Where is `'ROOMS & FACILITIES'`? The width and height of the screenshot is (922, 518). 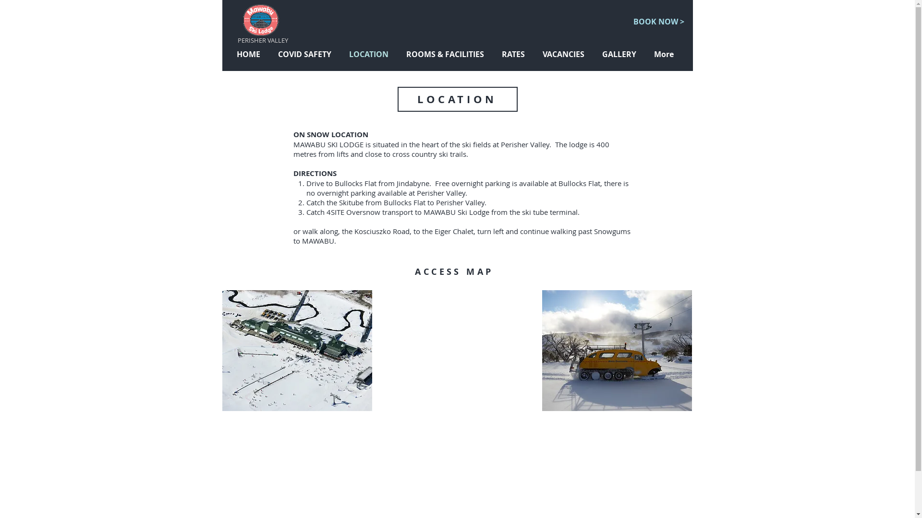 'ROOMS & FACILITIES' is located at coordinates (446, 54).